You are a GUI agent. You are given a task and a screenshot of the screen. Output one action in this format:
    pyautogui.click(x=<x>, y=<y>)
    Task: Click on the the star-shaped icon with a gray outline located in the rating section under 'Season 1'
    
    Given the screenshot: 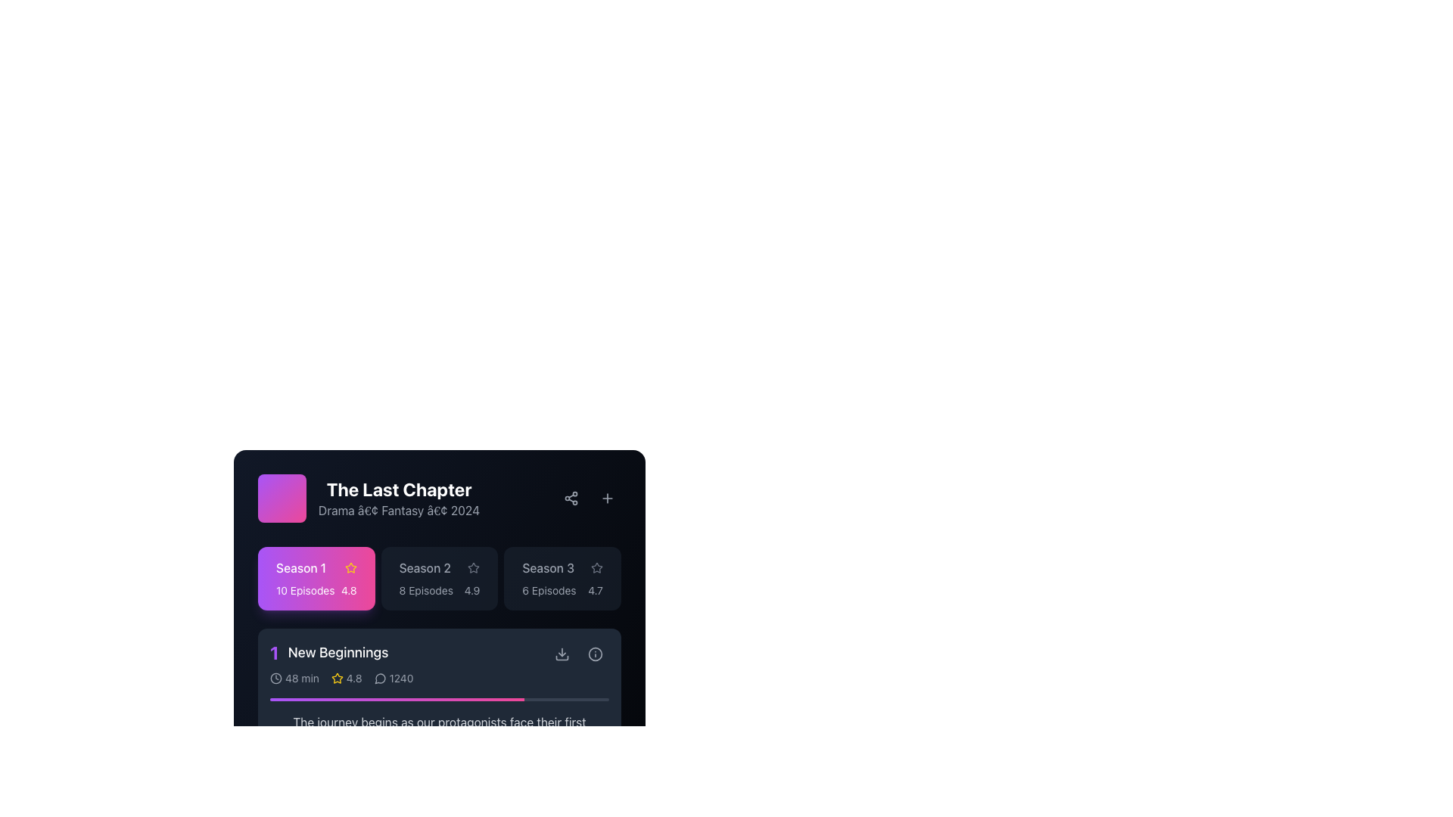 What is the action you would take?
    pyautogui.click(x=596, y=567)
    